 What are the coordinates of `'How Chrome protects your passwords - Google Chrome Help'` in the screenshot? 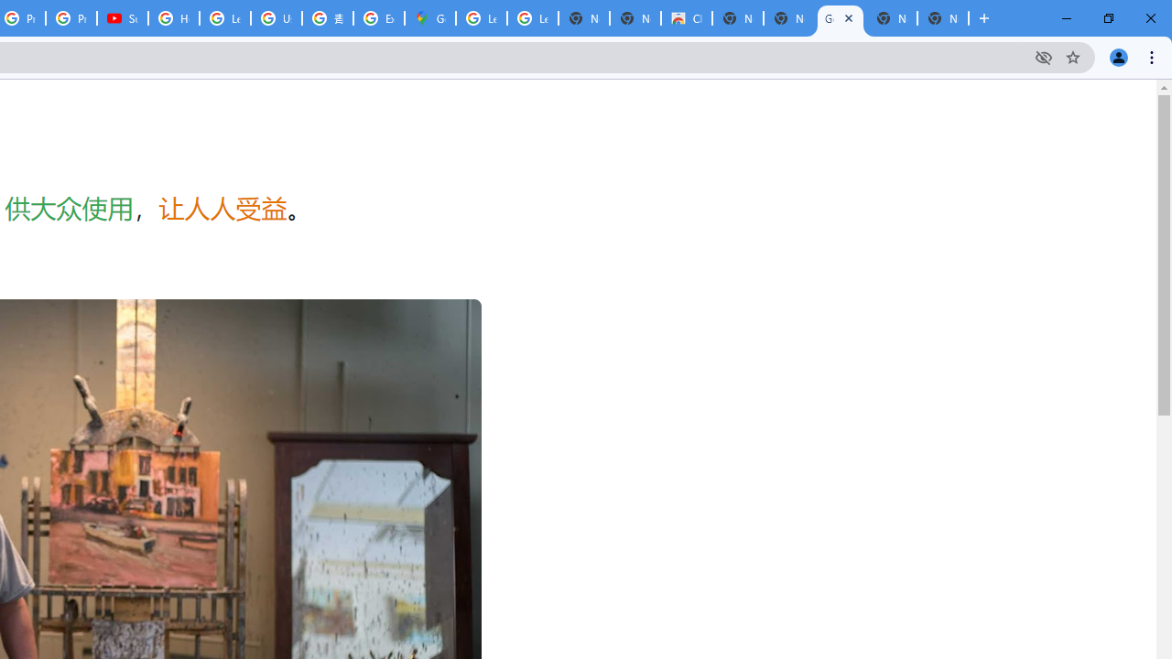 It's located at (174, 18).